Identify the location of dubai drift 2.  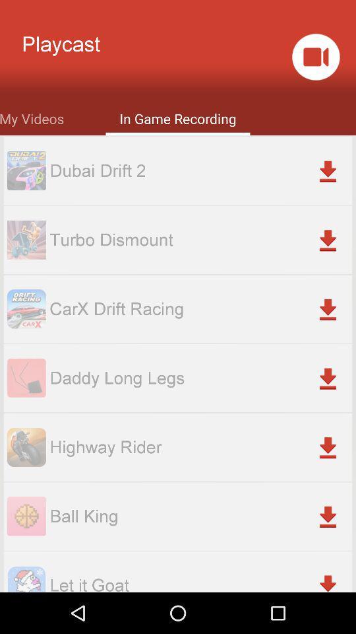
(200, 170).